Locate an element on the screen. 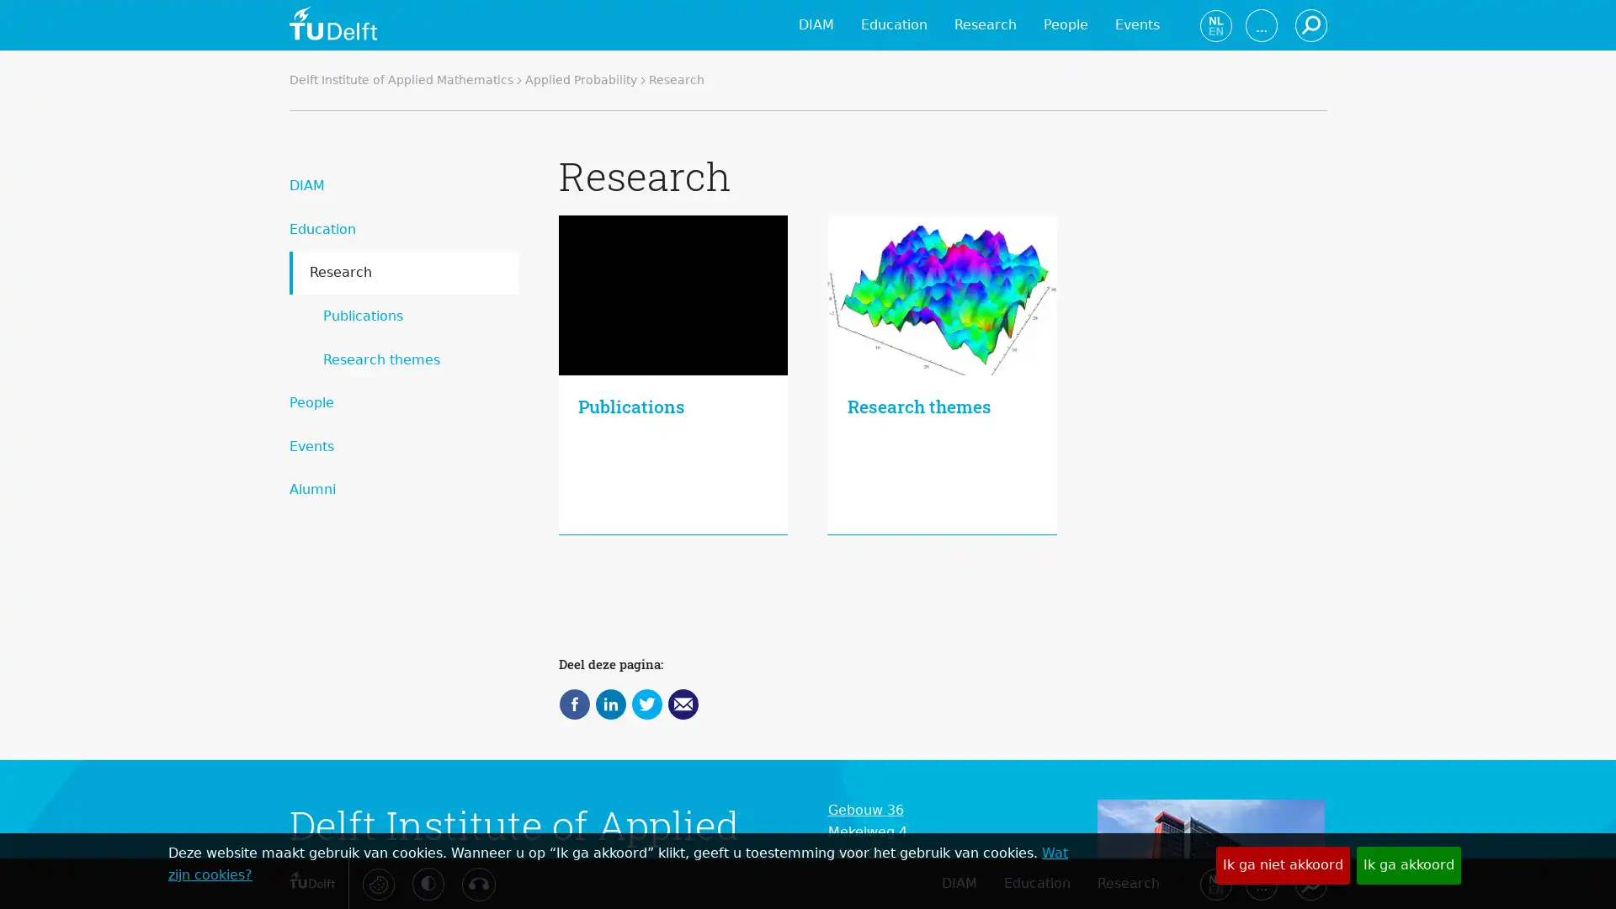 The height and width of the screenshot is (909, 1616). Activeer hoog contrast is located at coordinates (428, 882).